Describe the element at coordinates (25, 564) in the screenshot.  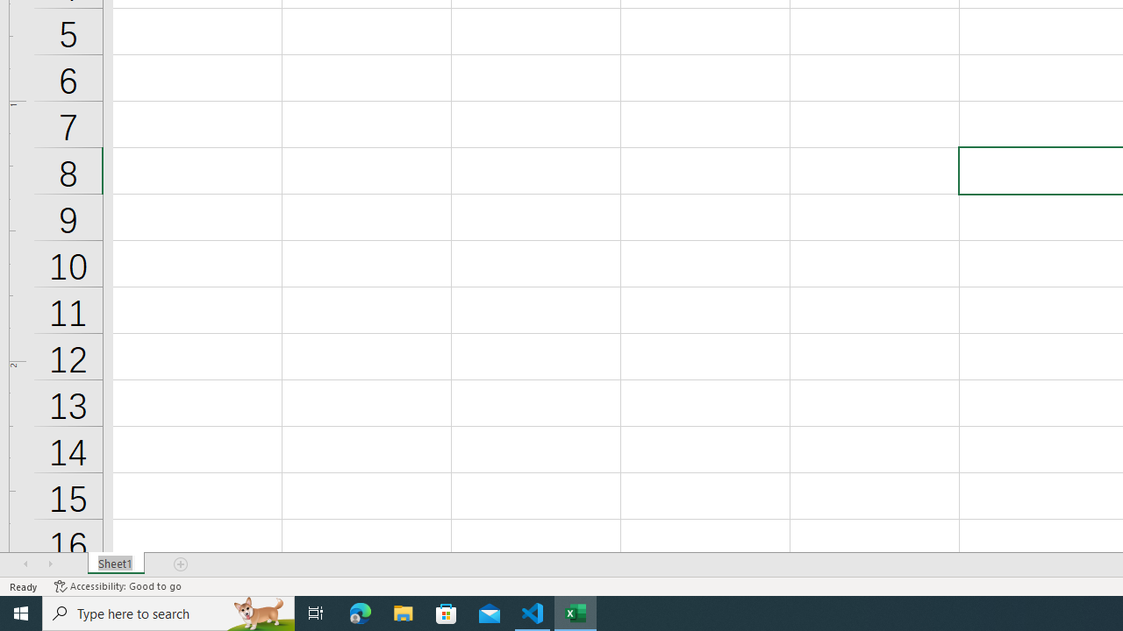
I see `'Scroll Left'` at that location.